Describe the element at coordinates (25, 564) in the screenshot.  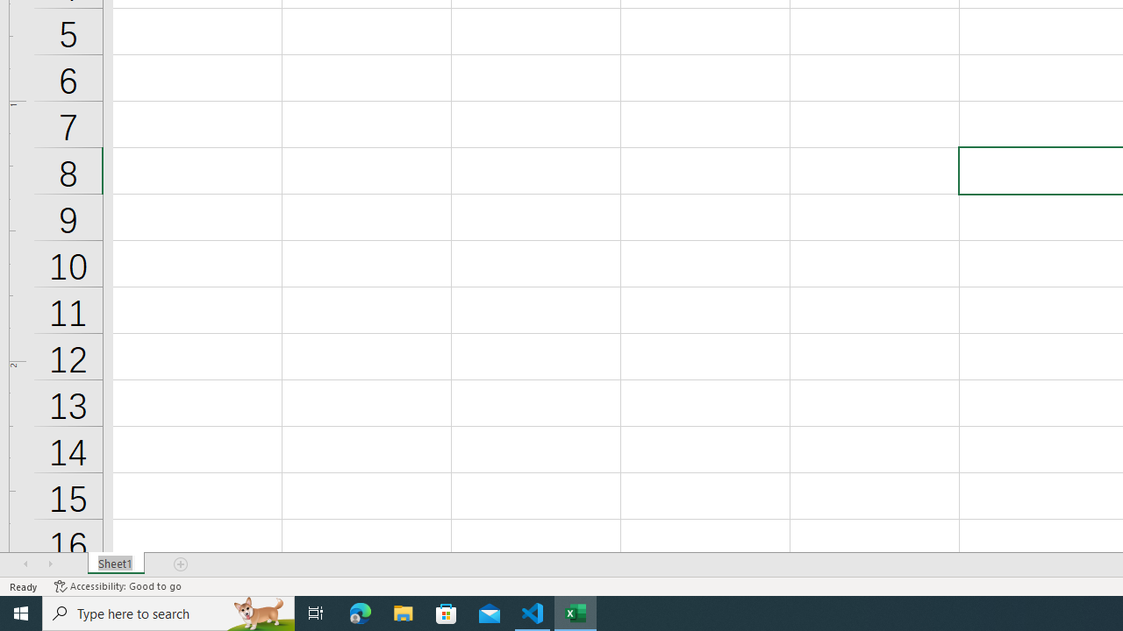
I see `'Scroll Left'` at that location.